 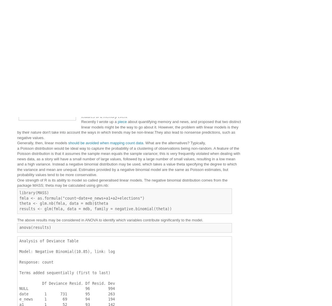 What do you see at coordinates (196, 52) in the screenshot?
I see `'POPULAR POSTS'` at bounding box center [196, 52].